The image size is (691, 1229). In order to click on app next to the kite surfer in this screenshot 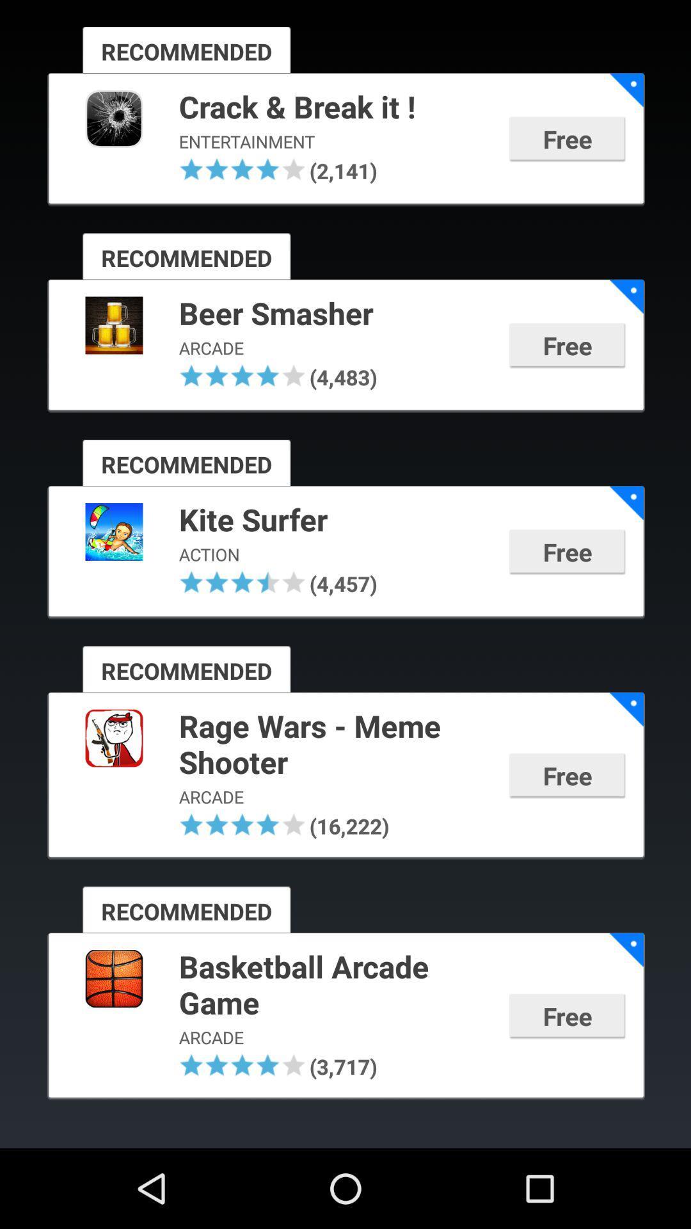, I will do `click(626, 502)`.